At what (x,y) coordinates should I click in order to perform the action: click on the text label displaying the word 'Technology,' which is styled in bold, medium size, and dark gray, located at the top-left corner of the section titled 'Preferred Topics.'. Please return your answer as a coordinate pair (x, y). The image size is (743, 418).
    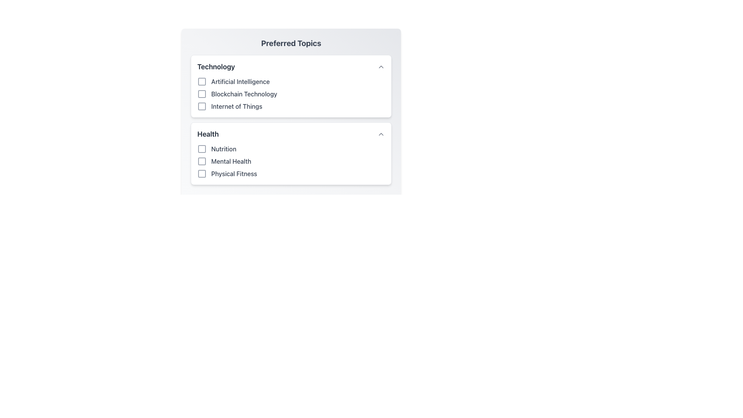
    Looking at the image, I should click on (216, 67).